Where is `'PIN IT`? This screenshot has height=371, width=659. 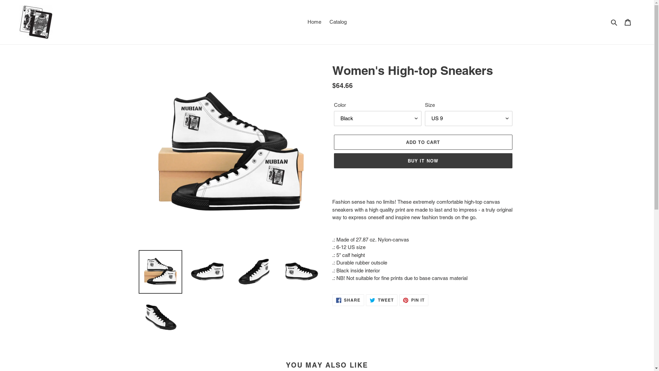
'PIN IT is located at coordinates (399, 300).